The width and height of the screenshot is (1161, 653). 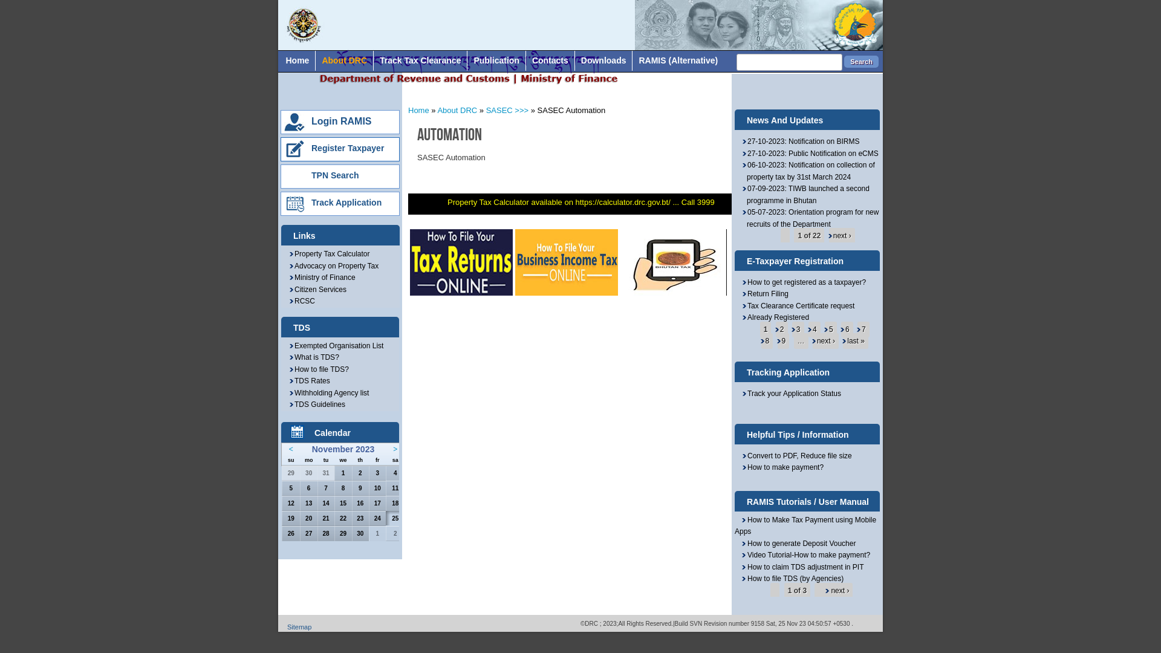 I want to click on 'SASEC >>>', so click(x=507, y=110).